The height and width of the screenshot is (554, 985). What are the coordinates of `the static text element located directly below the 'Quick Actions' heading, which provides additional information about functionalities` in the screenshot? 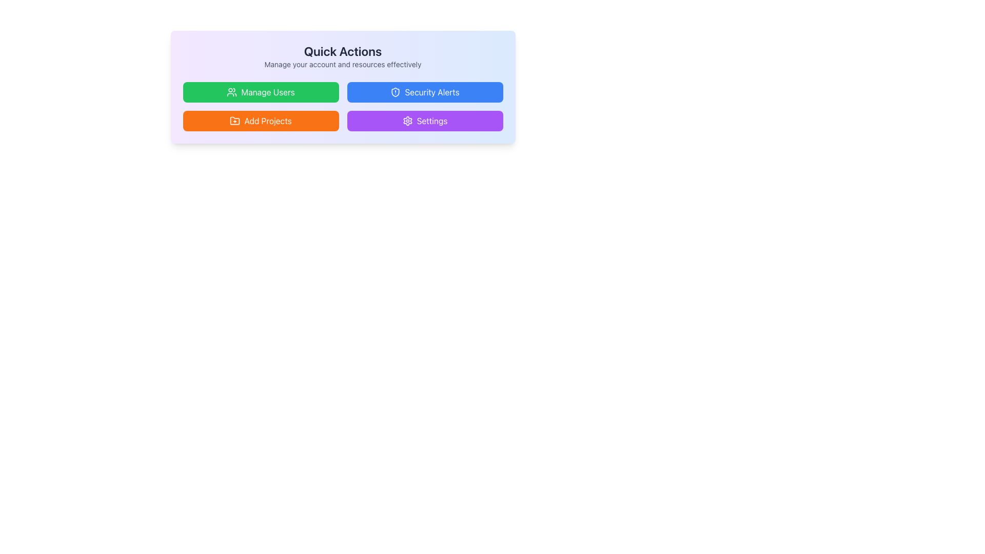 It's located at (343, 65).